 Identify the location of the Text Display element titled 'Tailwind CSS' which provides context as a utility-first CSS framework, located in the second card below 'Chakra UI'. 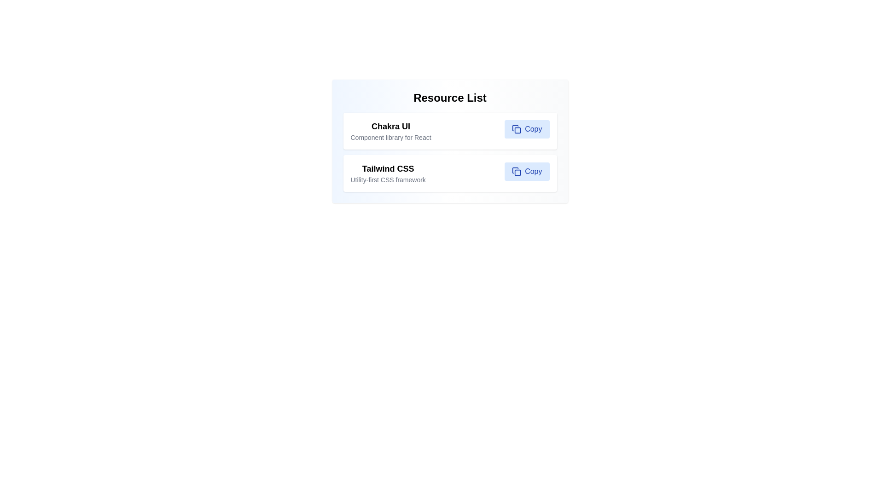
(388, 173).